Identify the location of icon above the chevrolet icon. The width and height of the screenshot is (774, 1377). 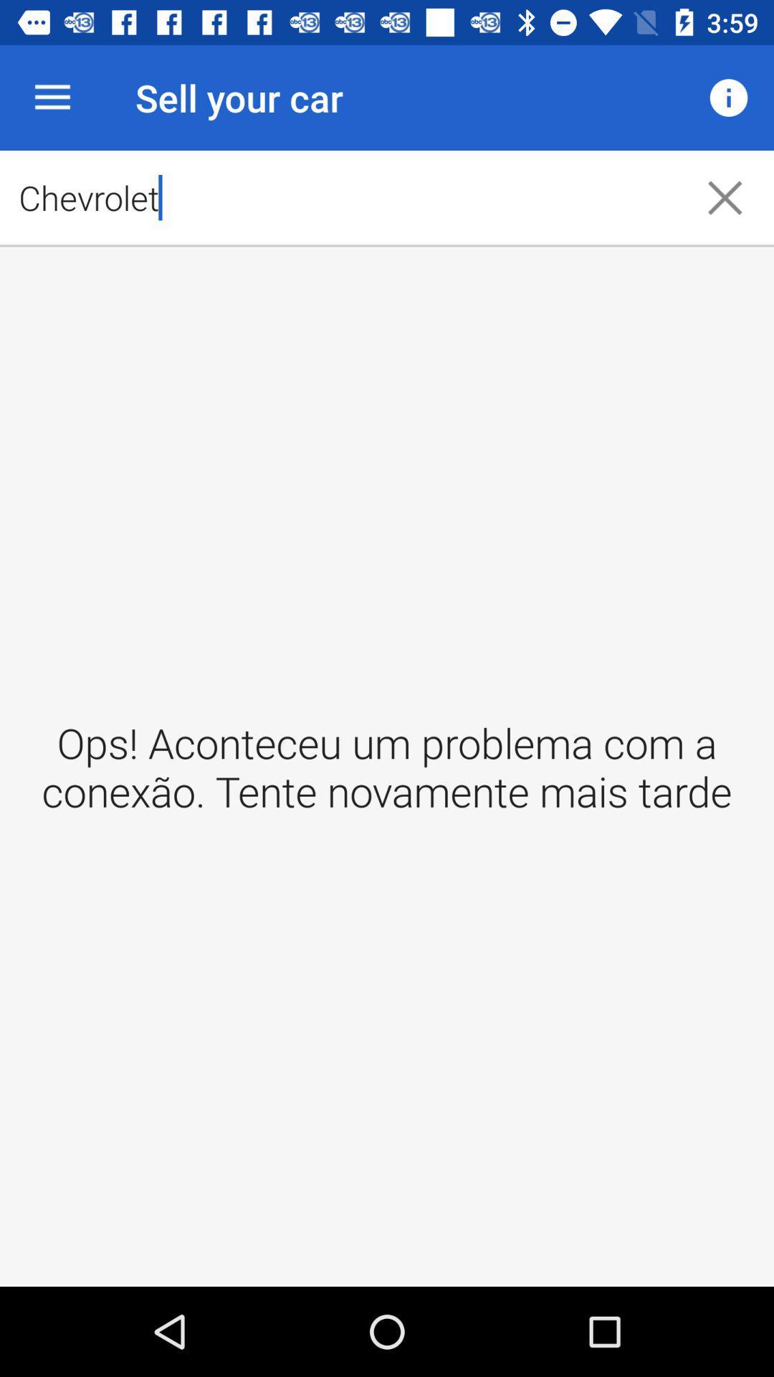
(729, 97).